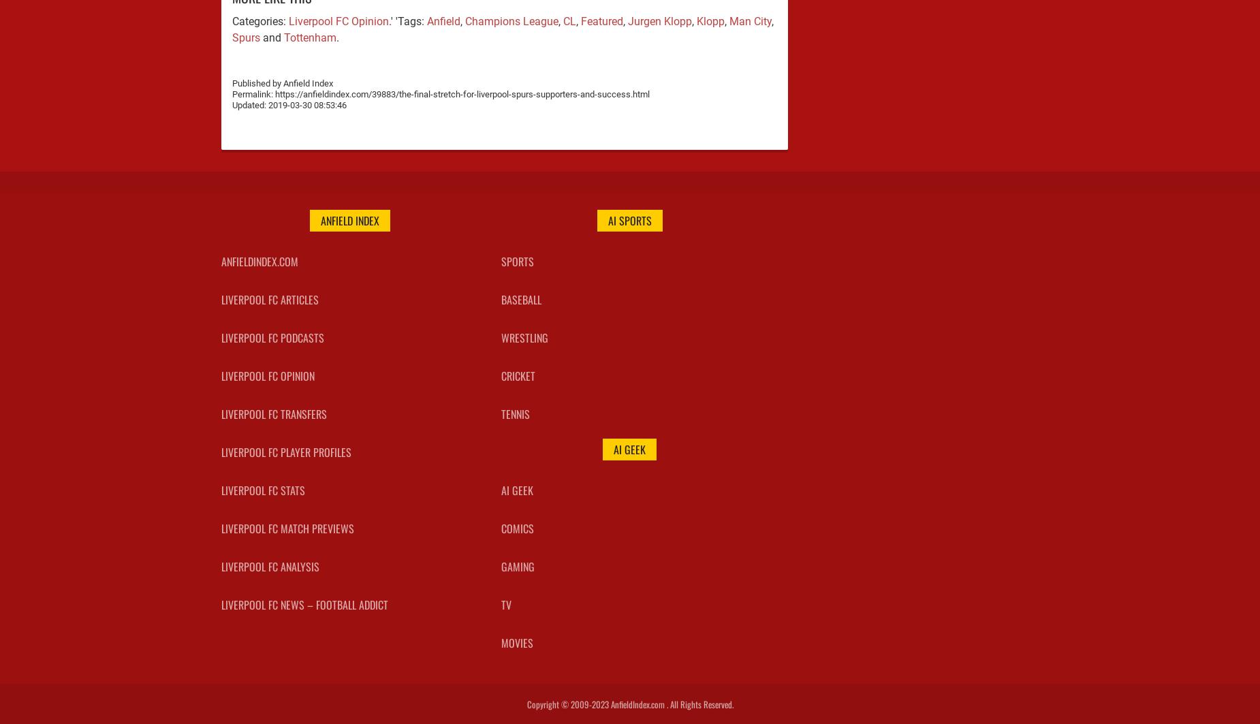  What do you see at coordinates (517, 565) in the screenshot?
I see `'Gaming'` at bounding box center [517, 565].